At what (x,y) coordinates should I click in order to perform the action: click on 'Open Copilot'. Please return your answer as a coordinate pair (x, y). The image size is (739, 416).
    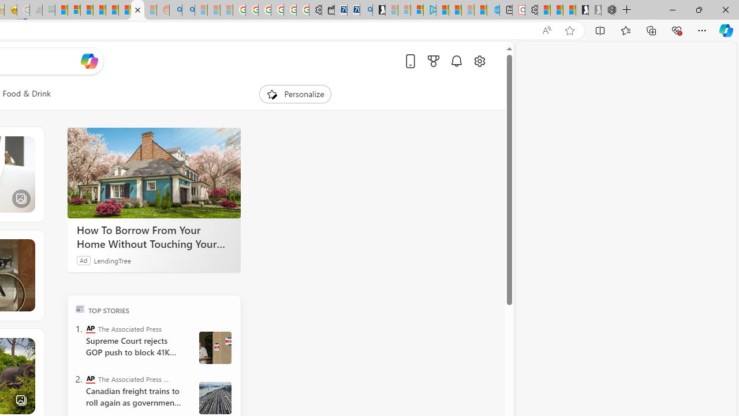
    Looking at the image, I should click on (89, 61).